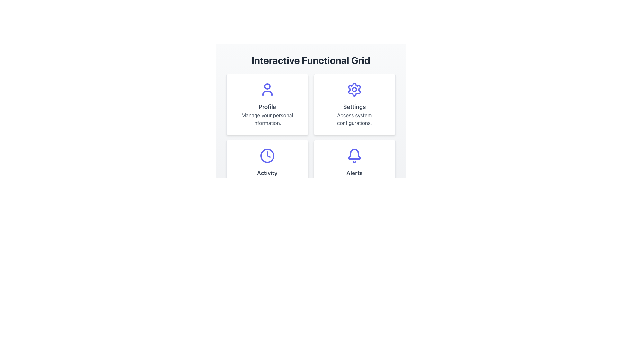 This screenshot has height=347, width=617. What do you see at coordinates (267, 173) in the screenshot?
I see `the text label displaying 'Activity', which is styled with a bold, large font and is located in the lower-left card of the grid layout` at bounding box center [267, 173].